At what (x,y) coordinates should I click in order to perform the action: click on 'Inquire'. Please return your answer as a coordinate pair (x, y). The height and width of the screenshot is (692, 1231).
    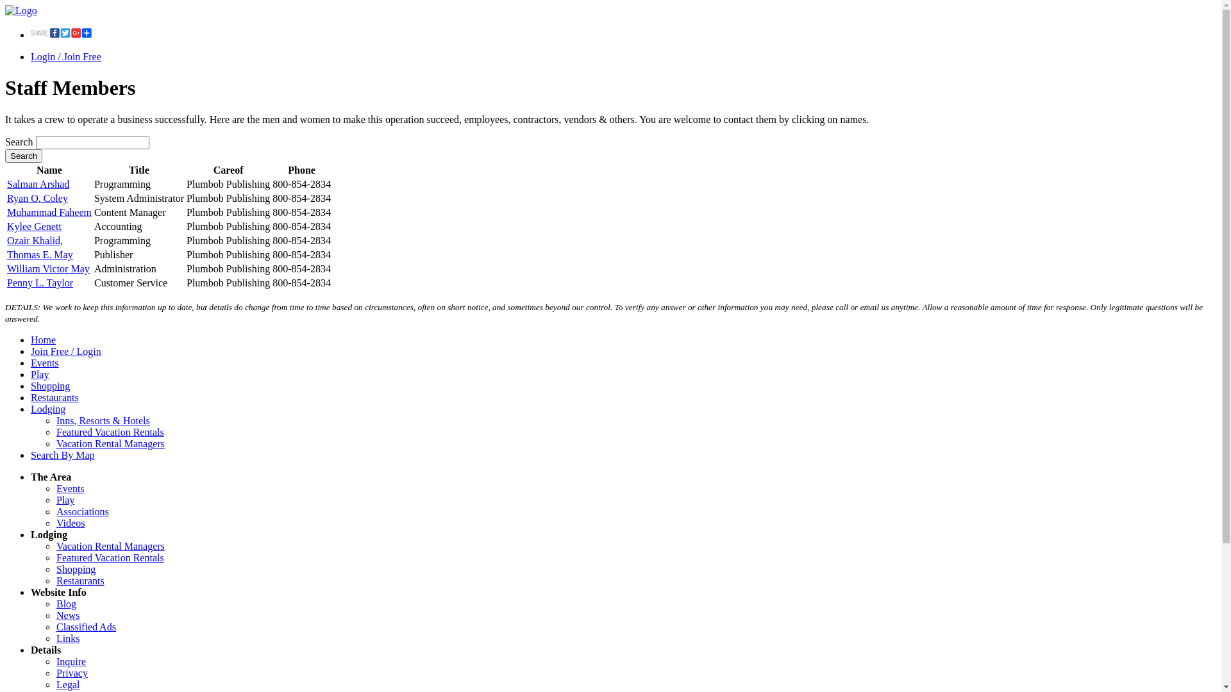
    Looking at the image, I should click on (70, 661).